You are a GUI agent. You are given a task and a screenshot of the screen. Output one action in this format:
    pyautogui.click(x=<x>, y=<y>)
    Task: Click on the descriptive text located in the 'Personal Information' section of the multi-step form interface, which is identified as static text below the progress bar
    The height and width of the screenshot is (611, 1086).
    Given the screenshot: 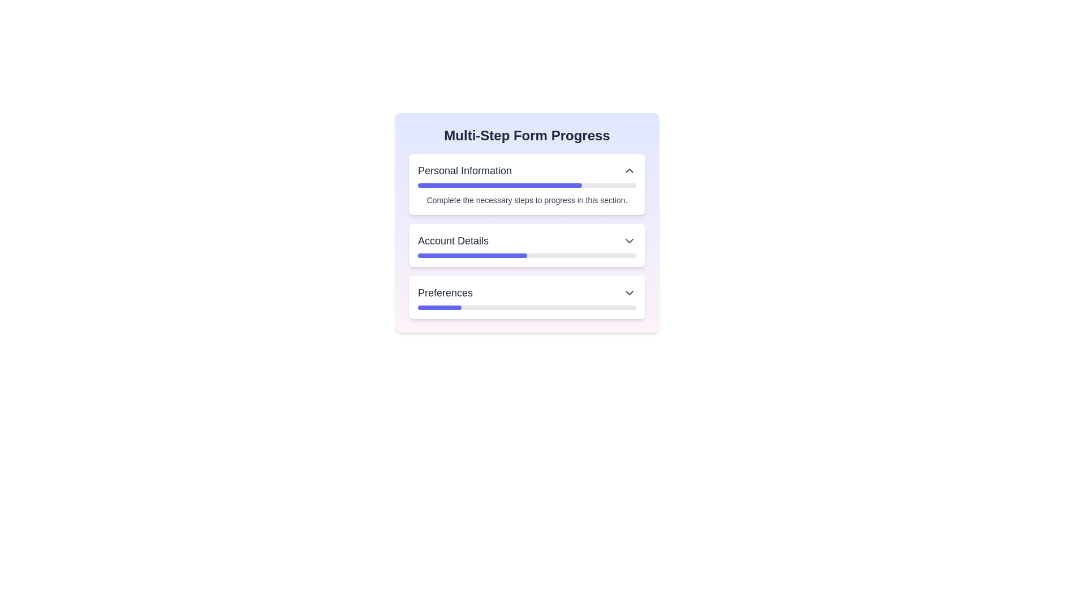 What is the action you would take?
    pyautogui.click(x=526, y=200)
    